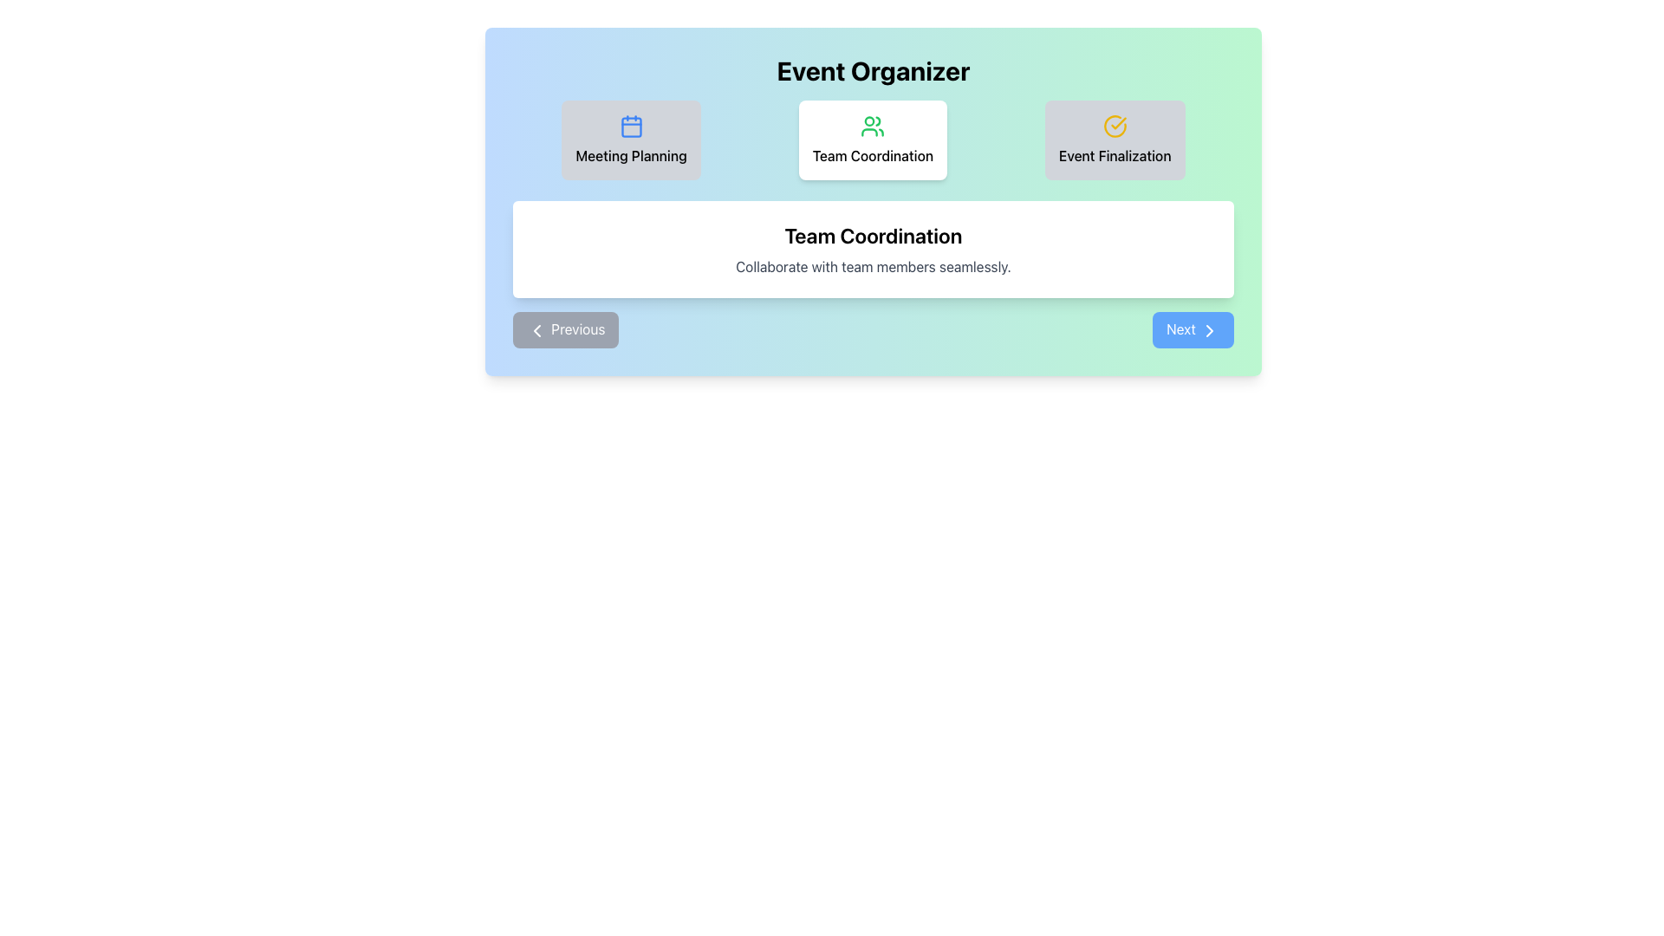 The height and width of the screenshot is (936, 1664). Describe the element at coordinates (1115, 126) in the screenshot. I see `the circular icon with a checkmark inside it, which has a yellow outline, located above the text 'Event Finalization' in the rightmost card` at that location.